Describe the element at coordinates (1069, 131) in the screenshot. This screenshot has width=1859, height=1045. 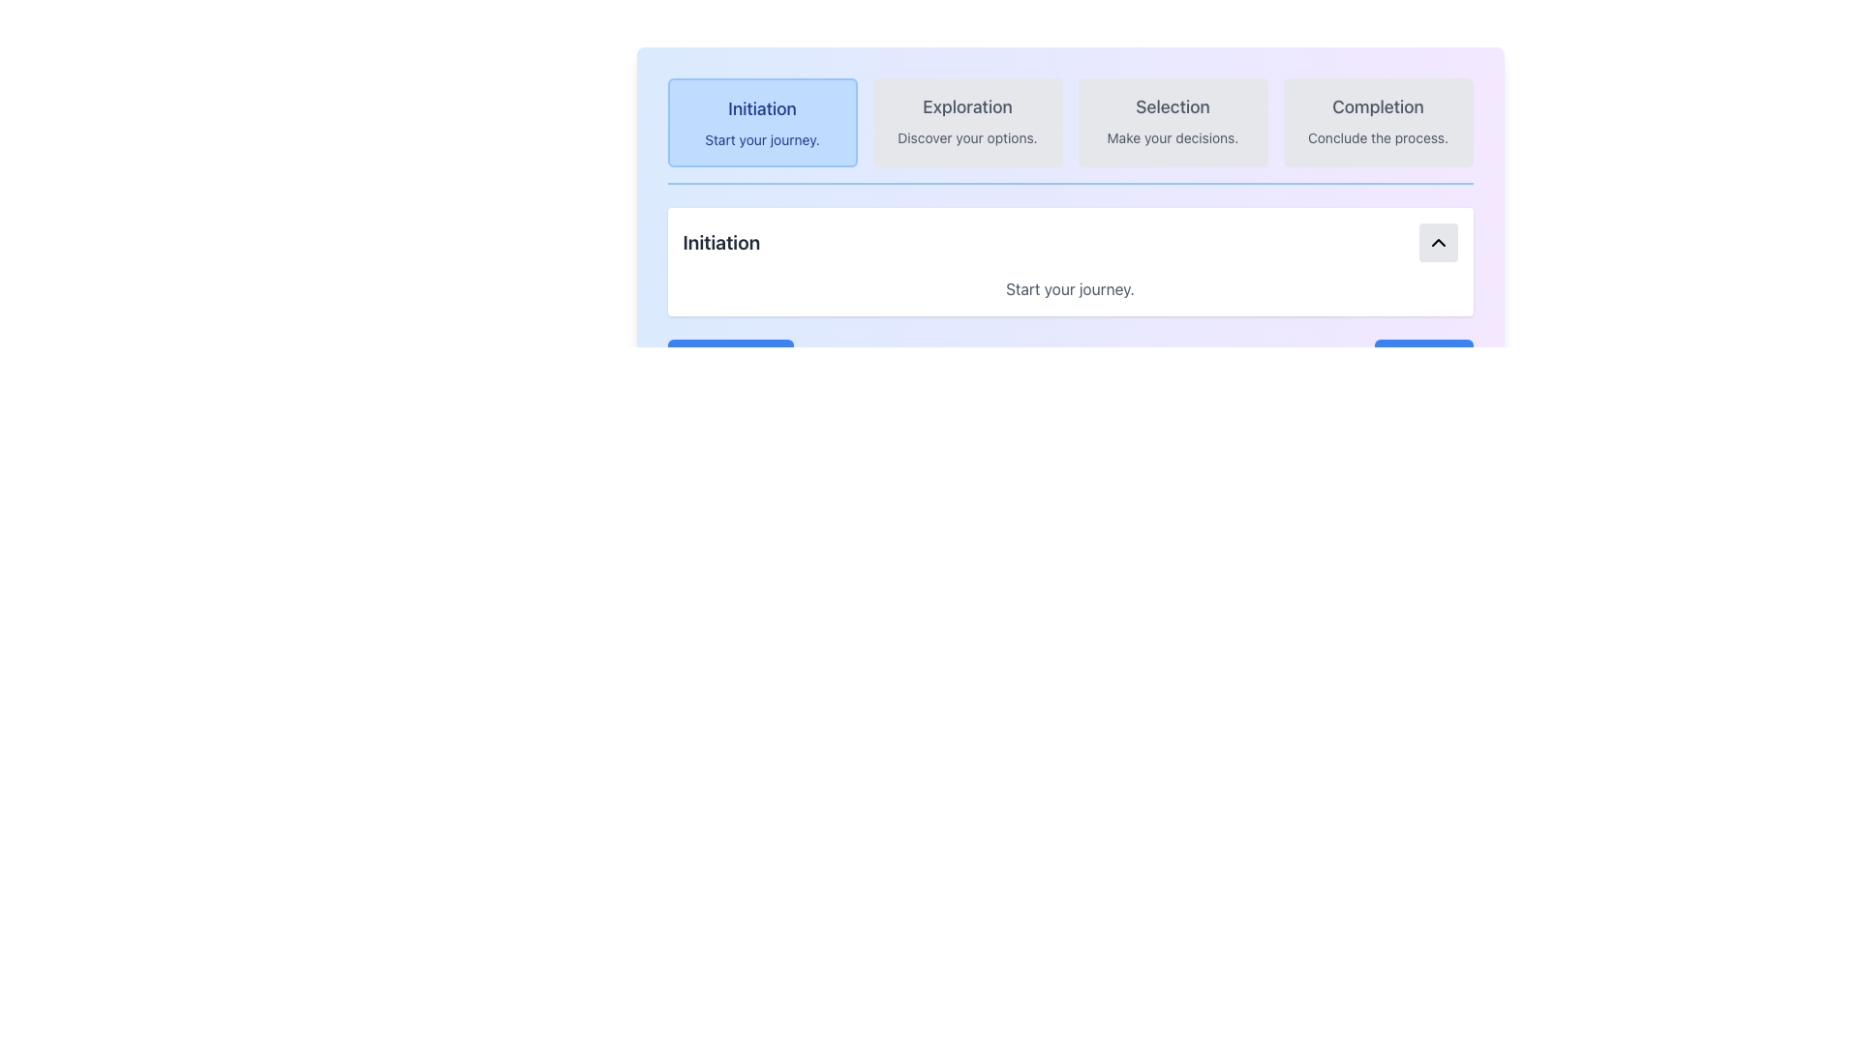
I see `the Grid-based Navigation Component sections` at that location.